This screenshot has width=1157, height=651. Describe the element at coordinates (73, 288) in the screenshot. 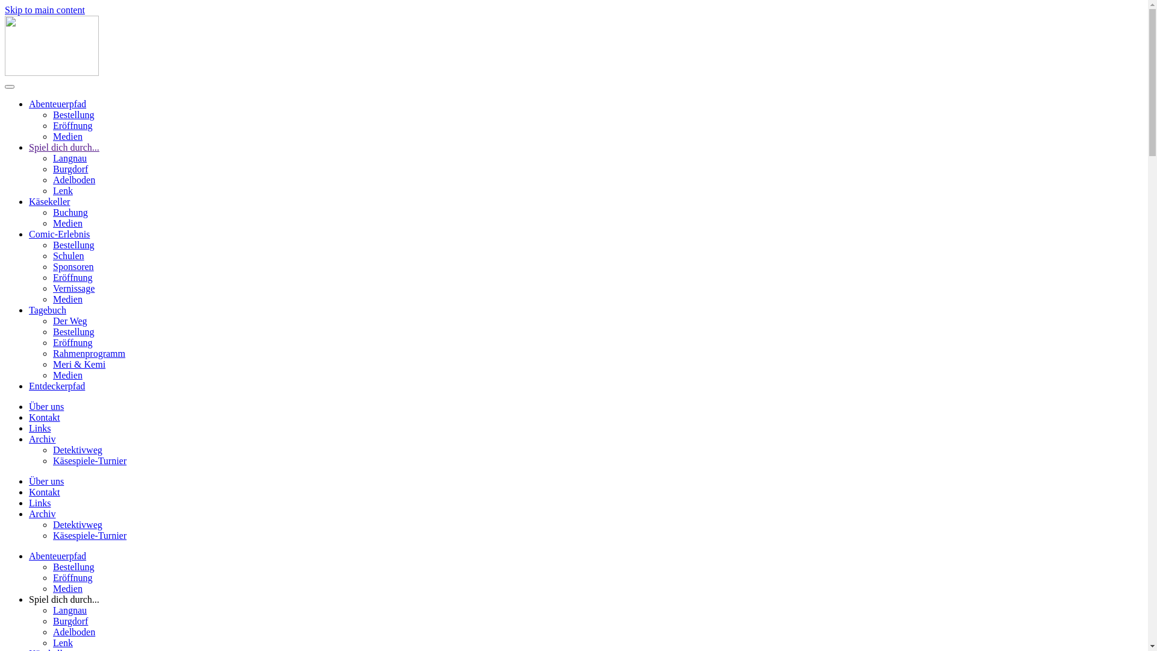

I see `'Vernissage'` at that location.